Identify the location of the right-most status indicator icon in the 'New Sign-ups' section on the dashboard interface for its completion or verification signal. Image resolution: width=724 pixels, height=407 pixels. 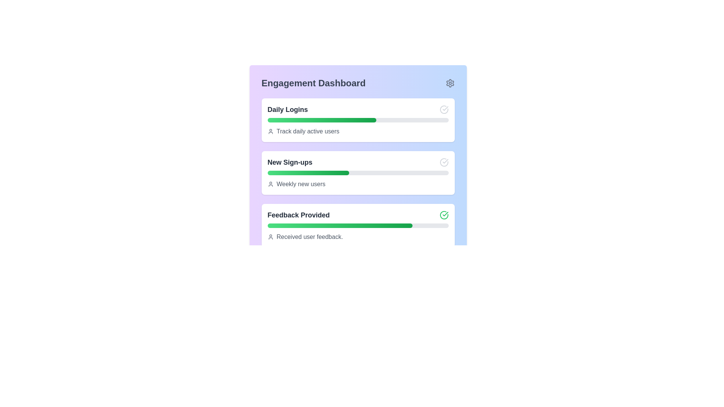
(444, 162).